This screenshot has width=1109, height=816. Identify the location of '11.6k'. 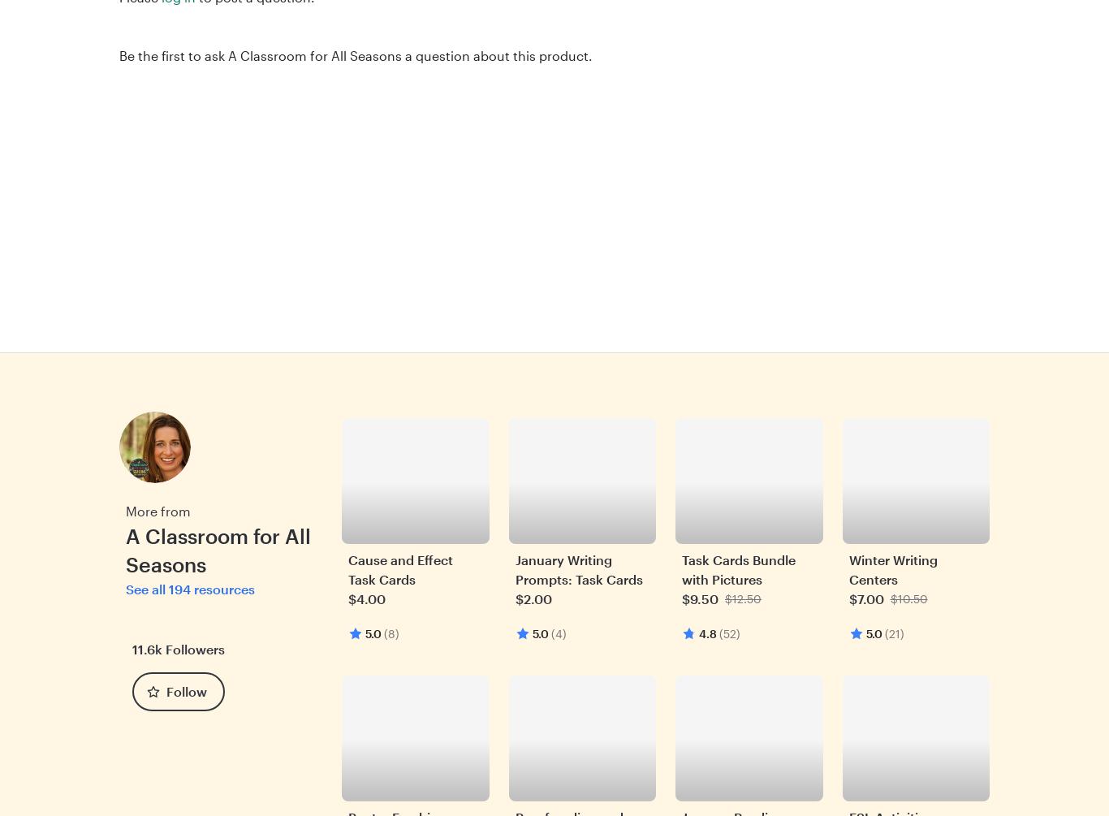
(146, 648).